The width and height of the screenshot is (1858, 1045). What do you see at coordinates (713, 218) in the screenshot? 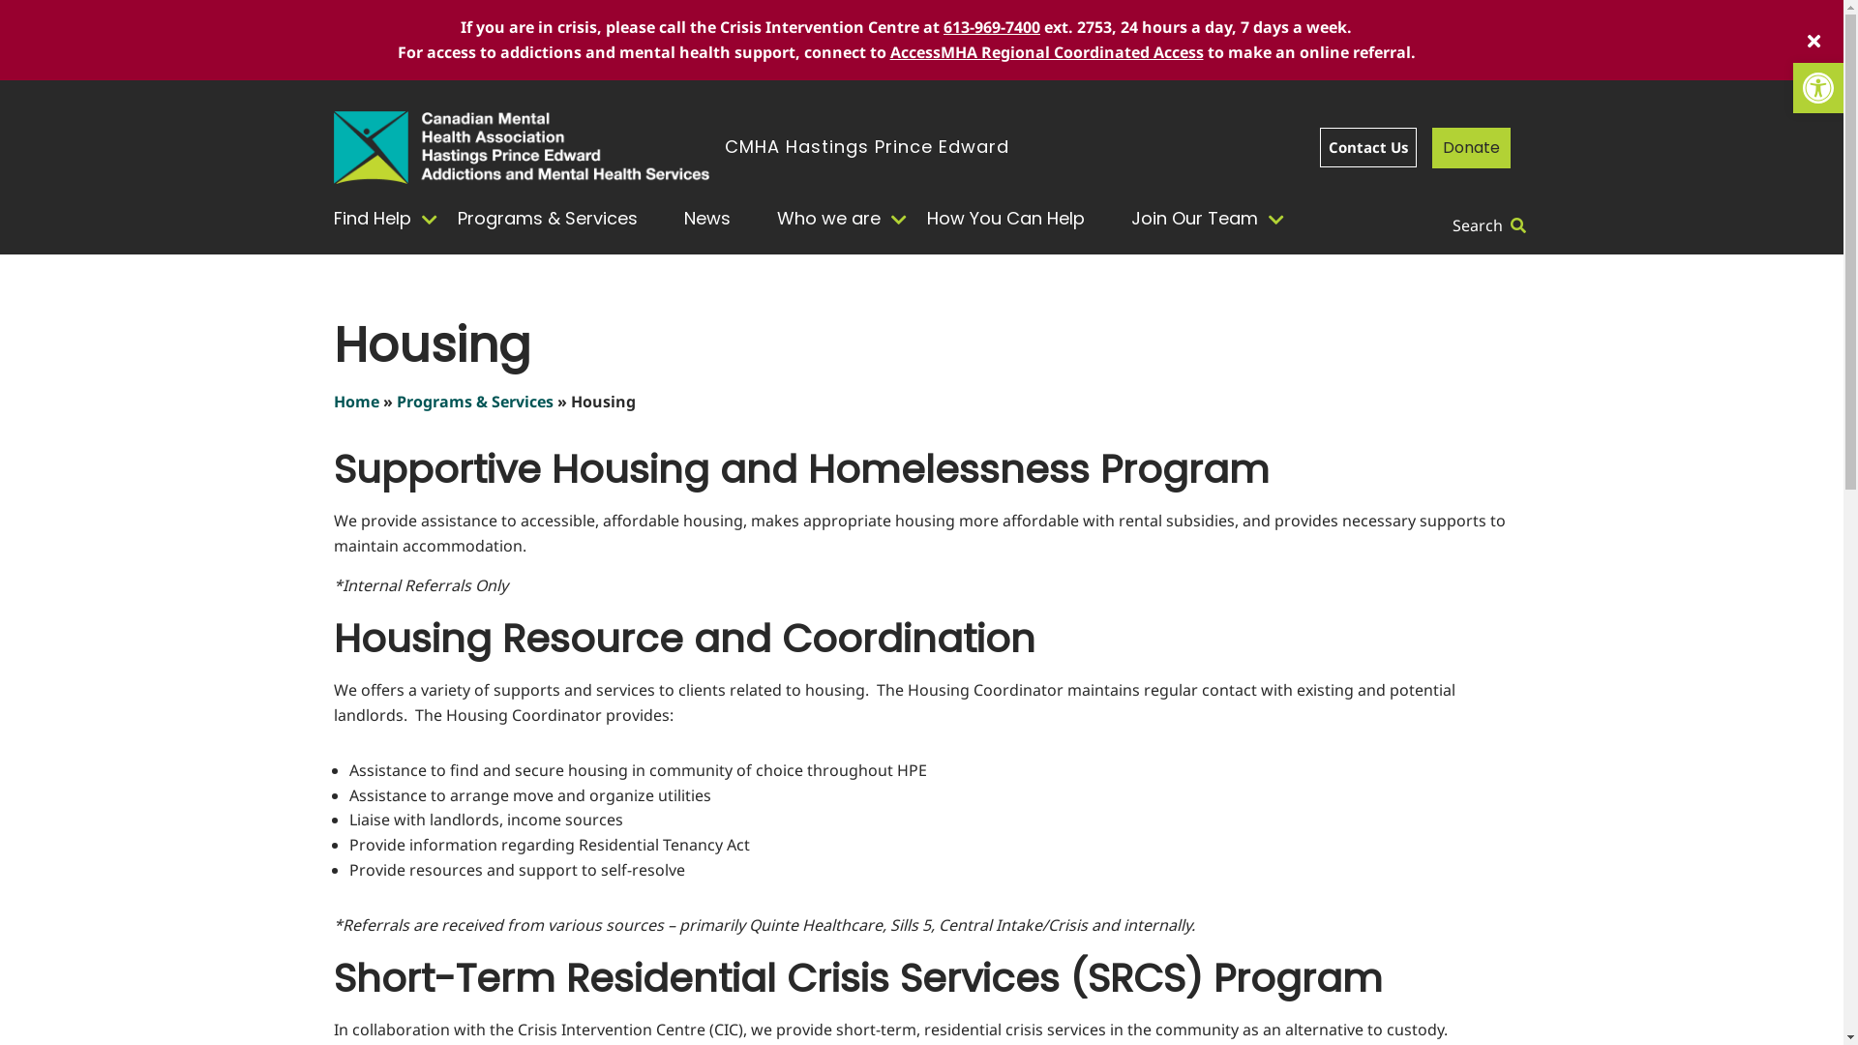
I see `'News'` at bounding box center [713, 218].